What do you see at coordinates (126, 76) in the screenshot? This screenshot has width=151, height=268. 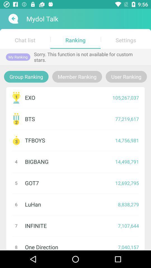 I see `the item to the right of member ranking` at bounding box center [126, 76].